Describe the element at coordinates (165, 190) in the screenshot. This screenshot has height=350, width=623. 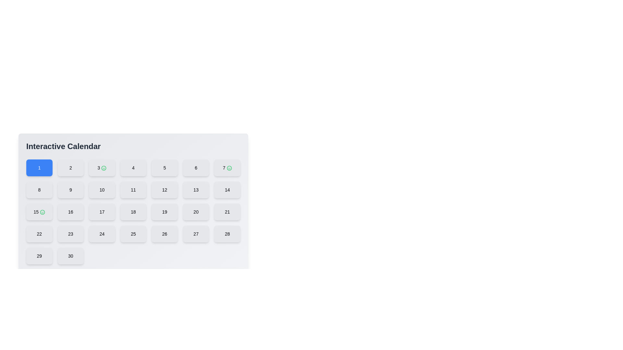
I see `the button representing the day '12' in the calendar interface` at that location.